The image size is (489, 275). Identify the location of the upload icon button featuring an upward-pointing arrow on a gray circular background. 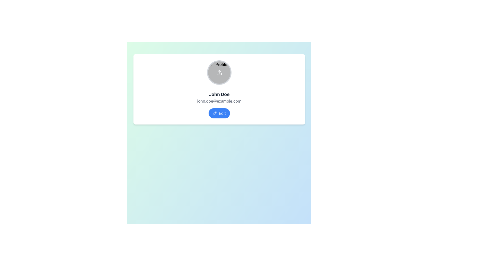
(219, 73).